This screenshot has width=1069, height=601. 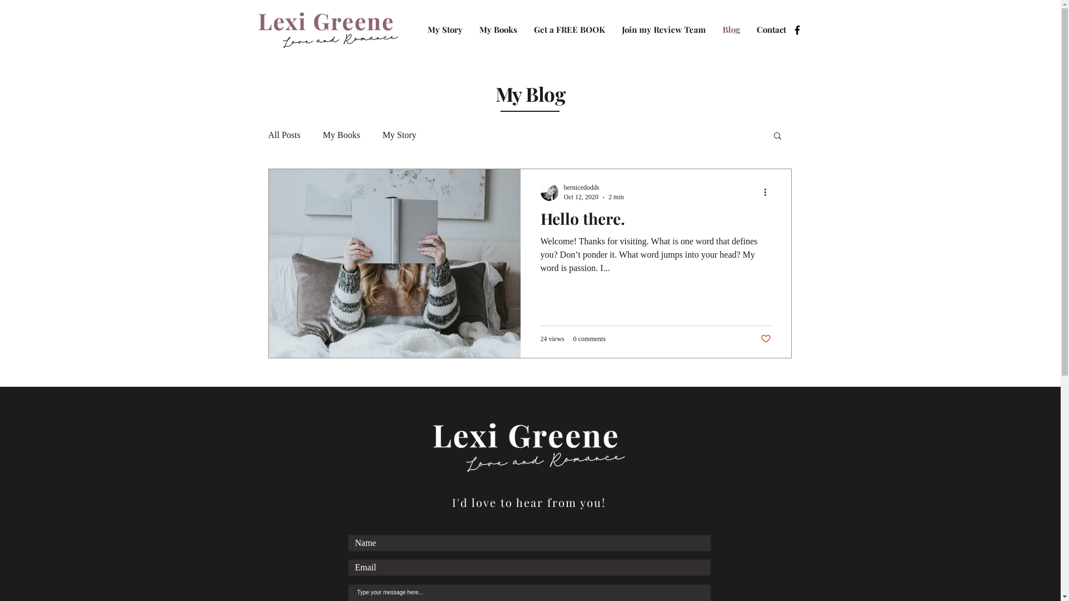 What do you see at coordinates (382, 135) in the screenshot?
I see `'My Story'` at bounding box center [382, 135].